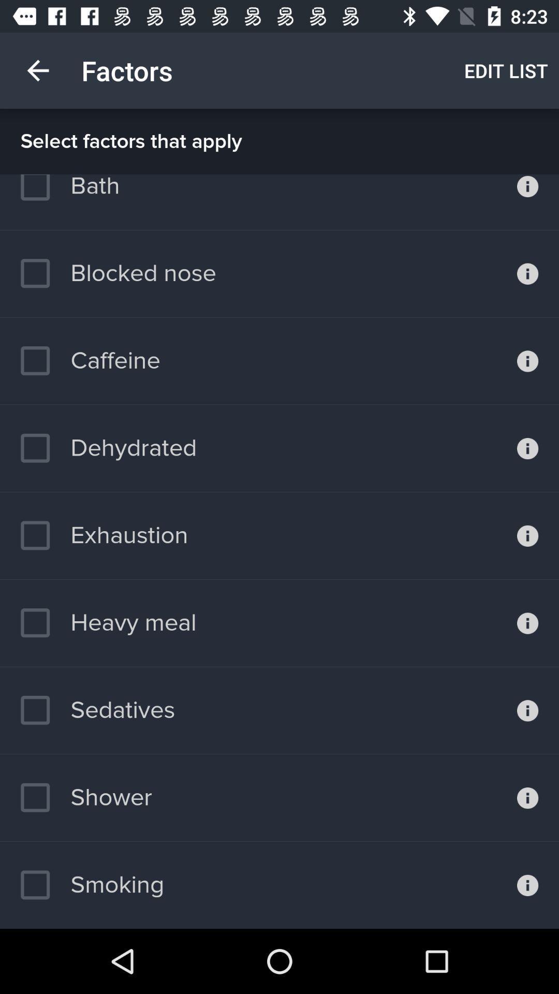 The image size is (559, 994). Describe the element at coordinates (37, 70) in the screenshot. I see `item next to factors` at that location.